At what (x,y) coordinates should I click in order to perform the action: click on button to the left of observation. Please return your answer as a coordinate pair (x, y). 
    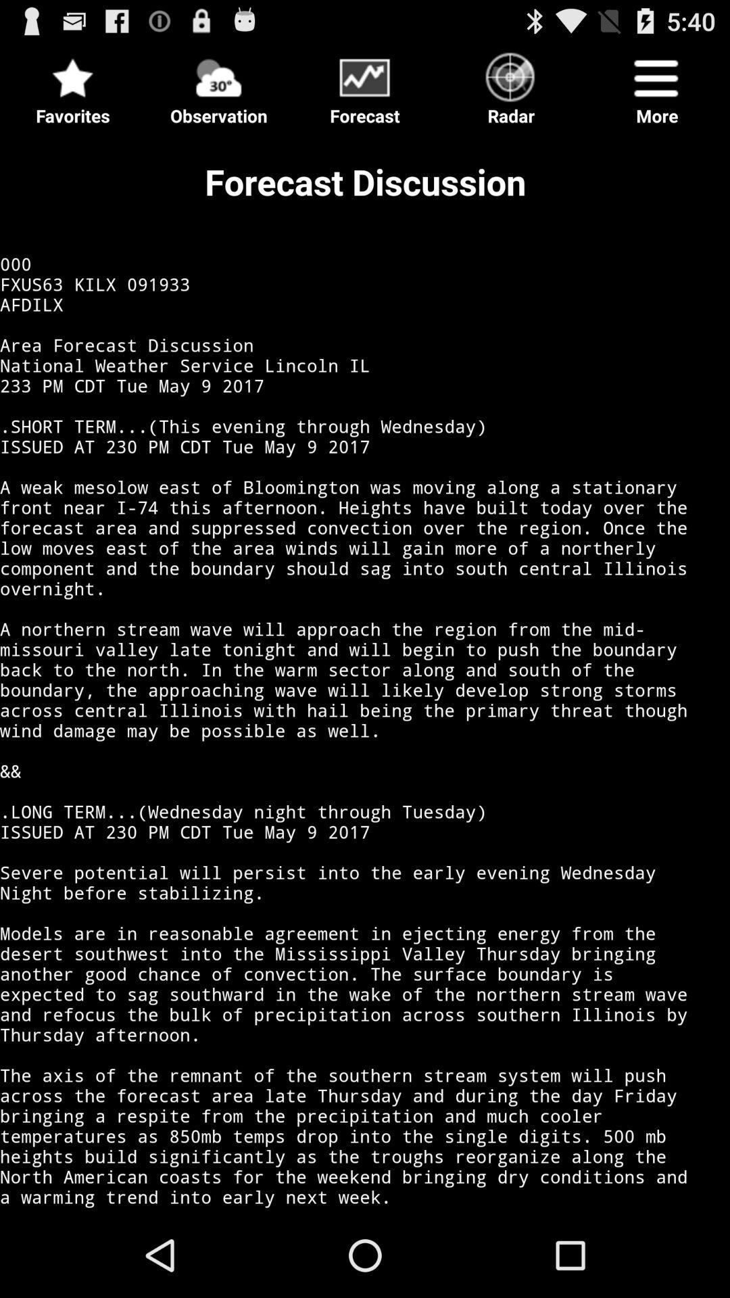
    Looking at the image, I should click on (73, 84).